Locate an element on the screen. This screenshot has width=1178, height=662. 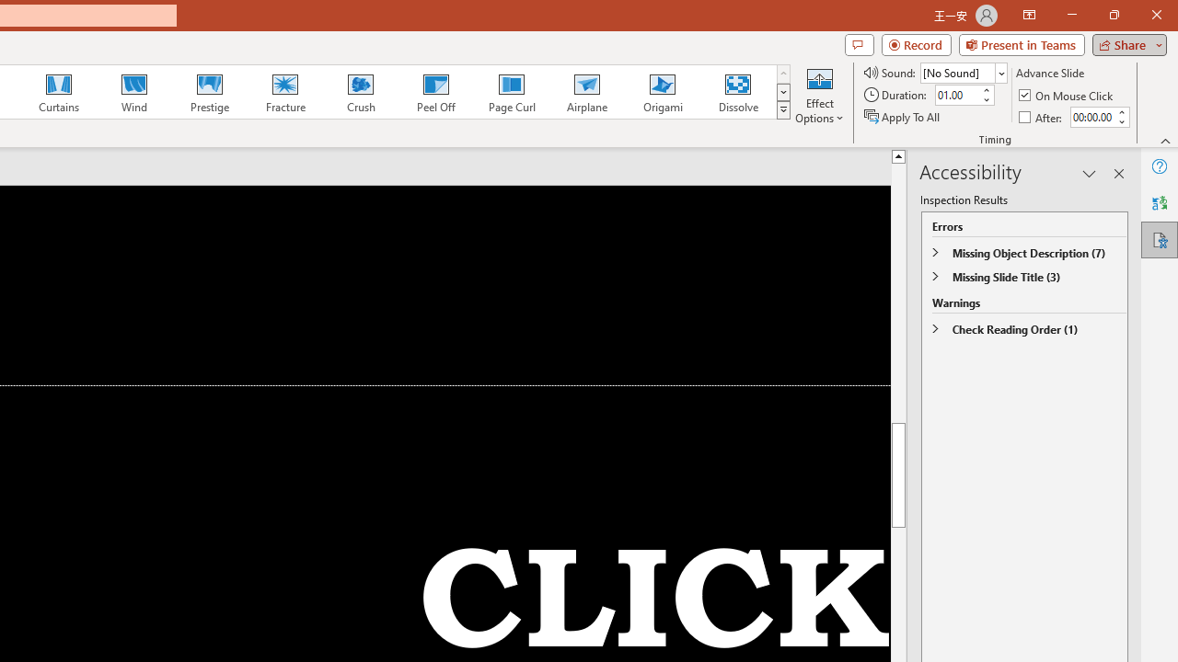
'On Mouse Click' is located at coordinates (1067, 95).